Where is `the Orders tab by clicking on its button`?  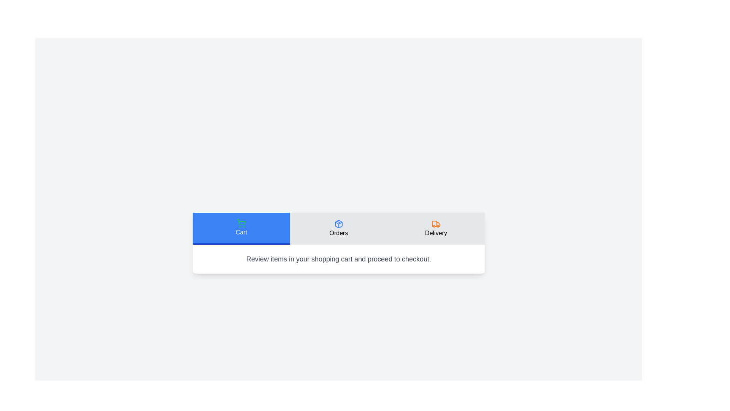
the Orders tab by clicking on its button is located at coordinates (338, 228).